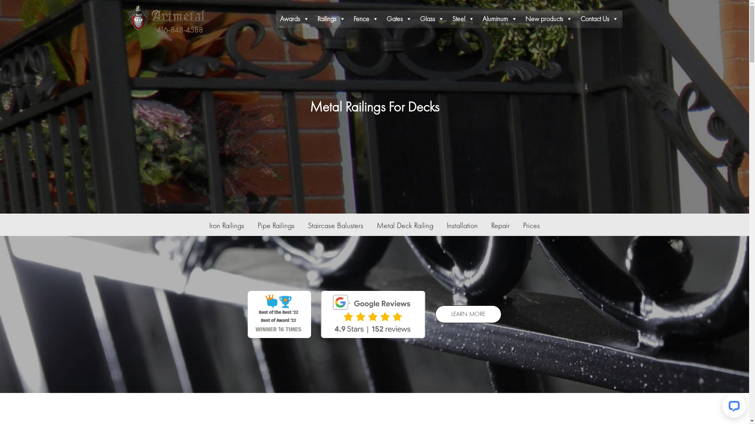 Image resolution: width=755 pixels, height=424 pixels. What do you see at coordinates (432, 18) in the screenshot?
I see `'Glass'` at bounding box center [432, 18].